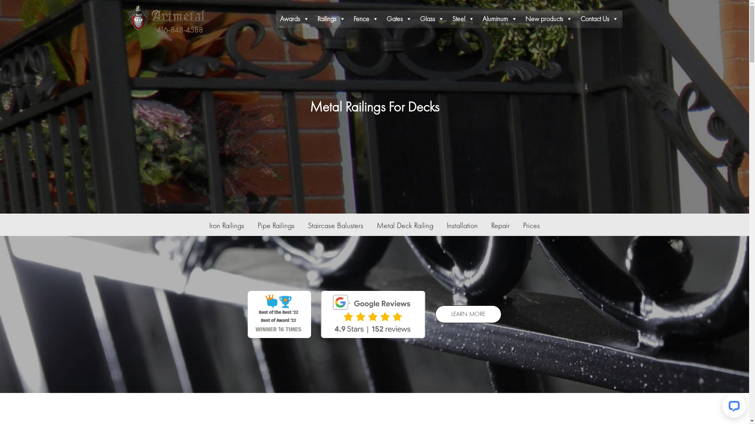 Image resolution: width=755 pixels, height=424 pixels. What do you see at coordinates (432, 18) in the screenshot?
I see `'Glass'` at bounding box center [432, 18].